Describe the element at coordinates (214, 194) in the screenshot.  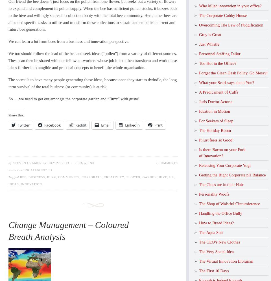
I see `'Personality Woofs'` at that location.